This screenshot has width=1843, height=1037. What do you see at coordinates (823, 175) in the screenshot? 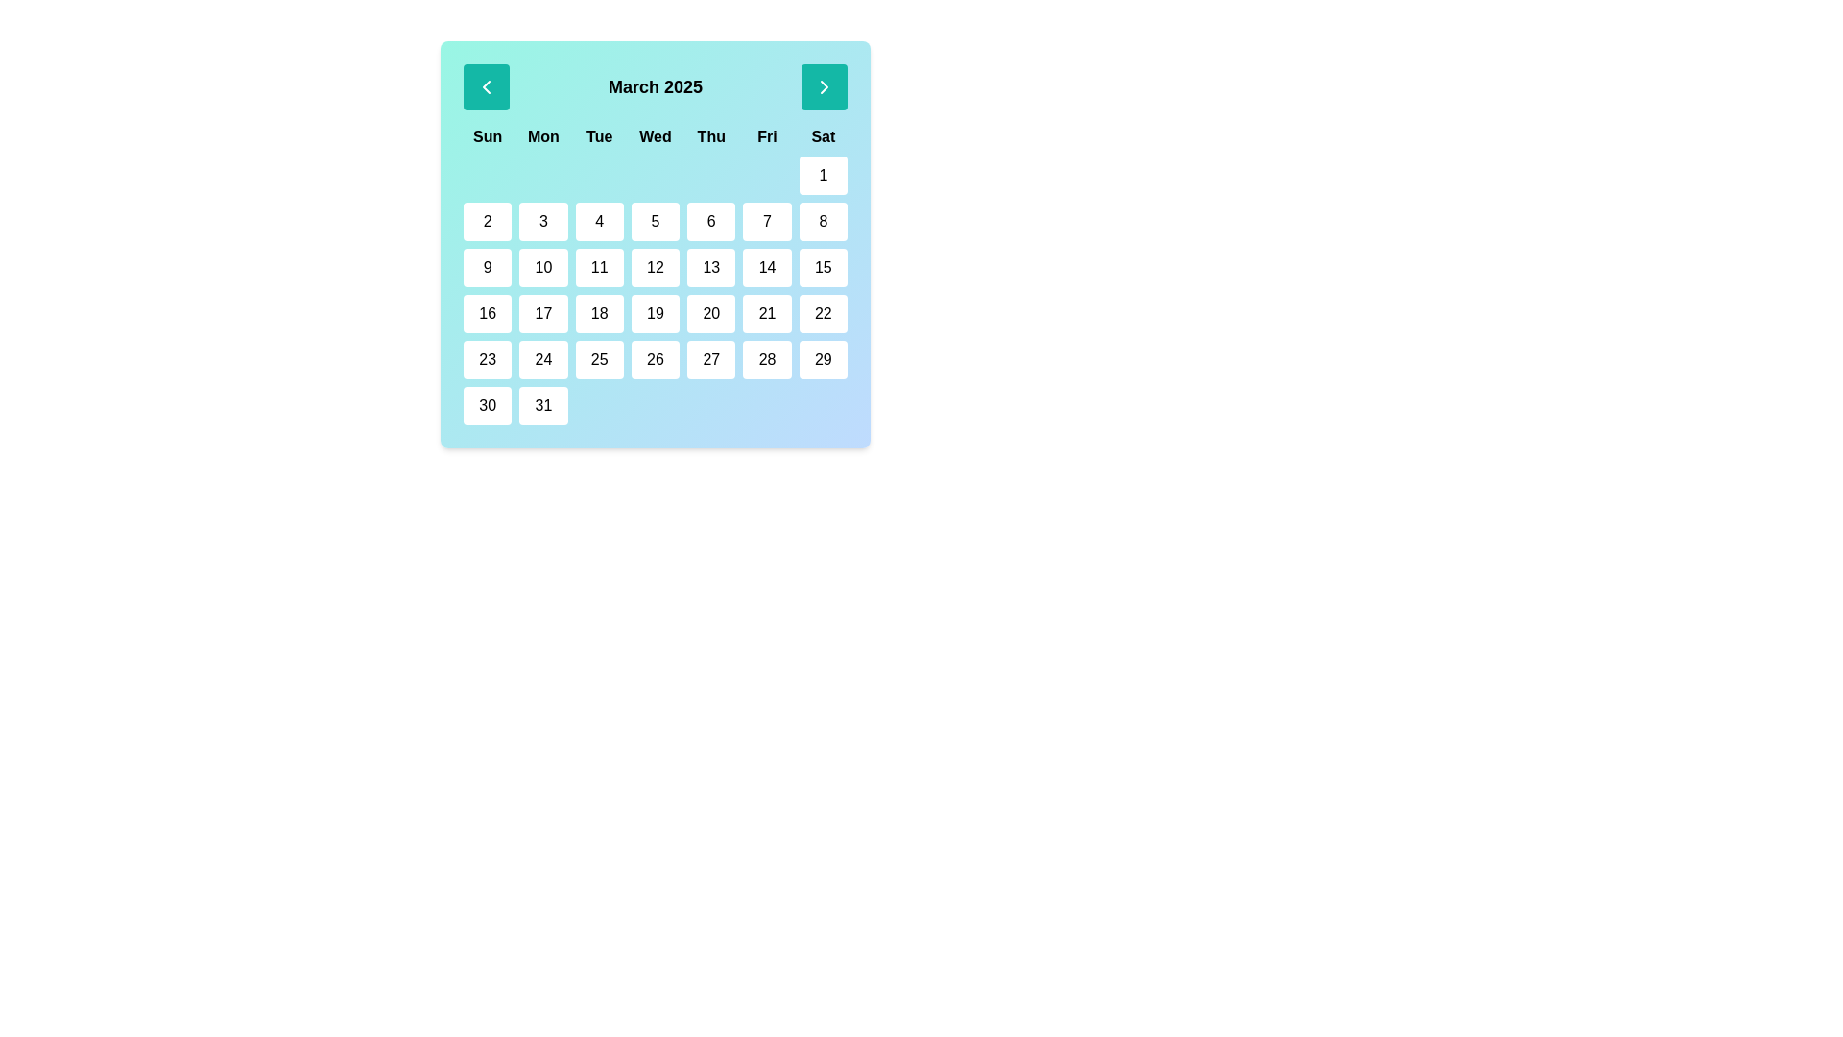
I see `the square button displaying the number '1' with a white background and black text, located under the 'Sat' header in the top row of the calendar grid` at bounding box center [823, 175].